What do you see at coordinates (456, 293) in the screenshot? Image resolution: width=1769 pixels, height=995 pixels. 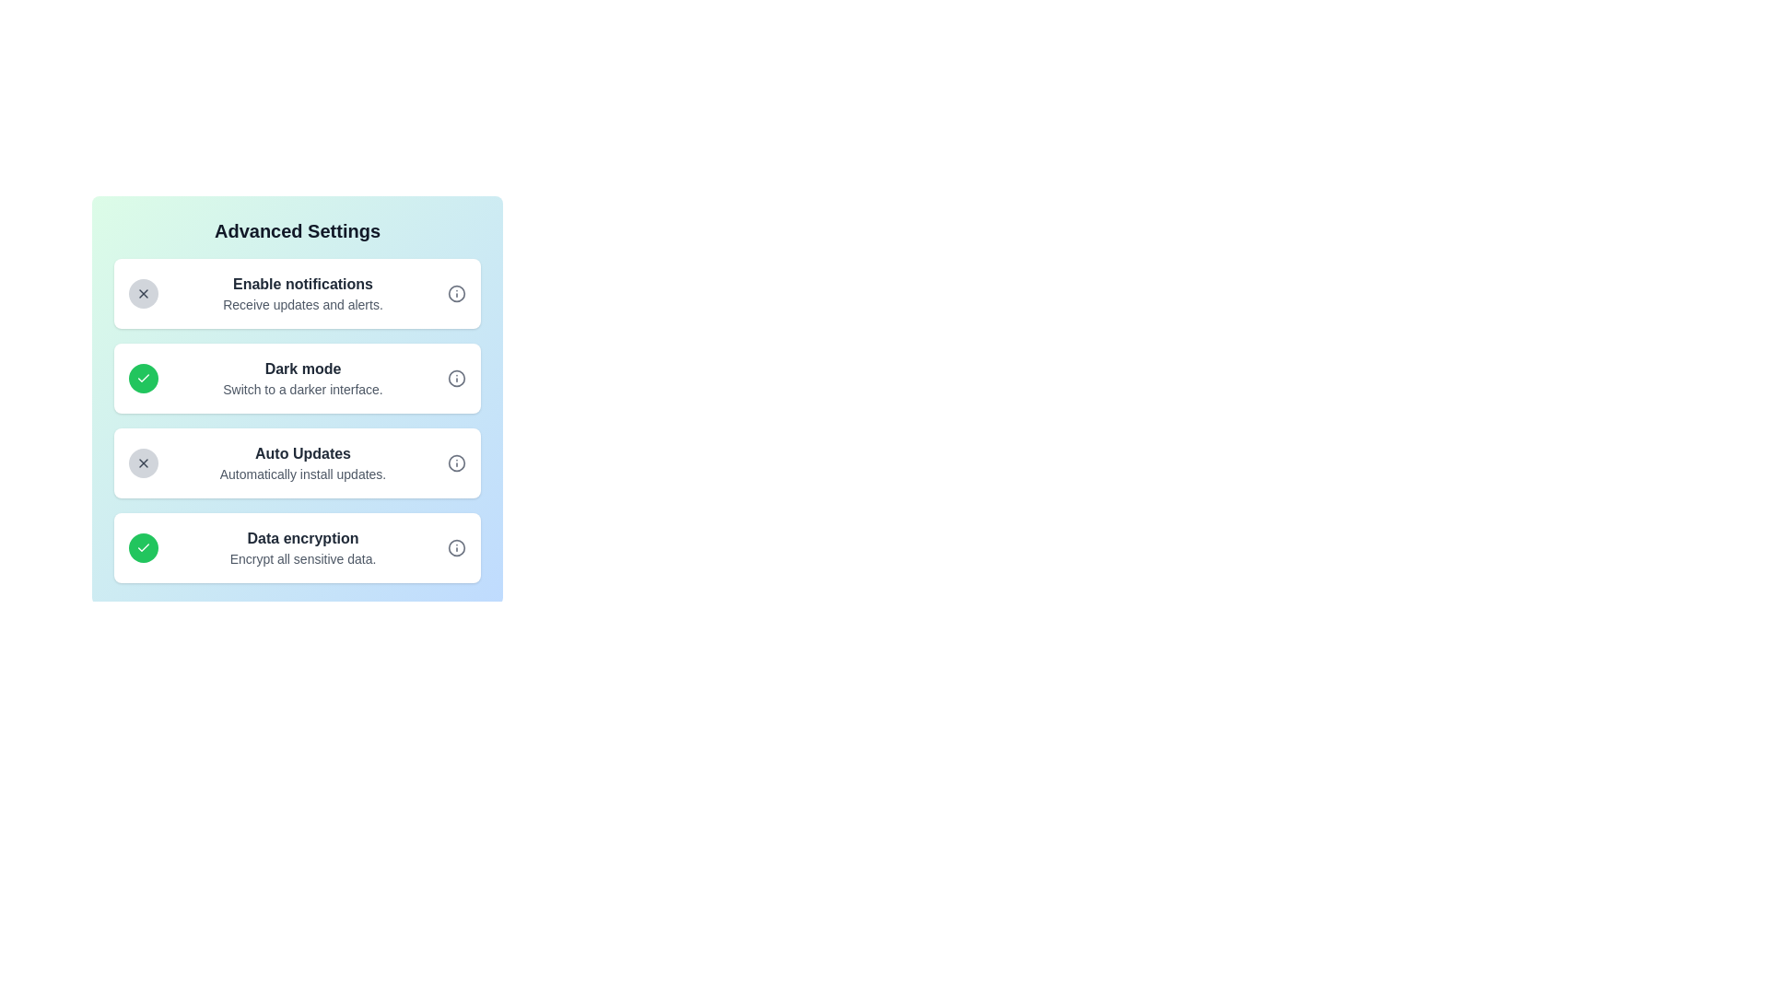 I see `the information icon for Enable notifications to view its description` at bounding box center [456, 293].